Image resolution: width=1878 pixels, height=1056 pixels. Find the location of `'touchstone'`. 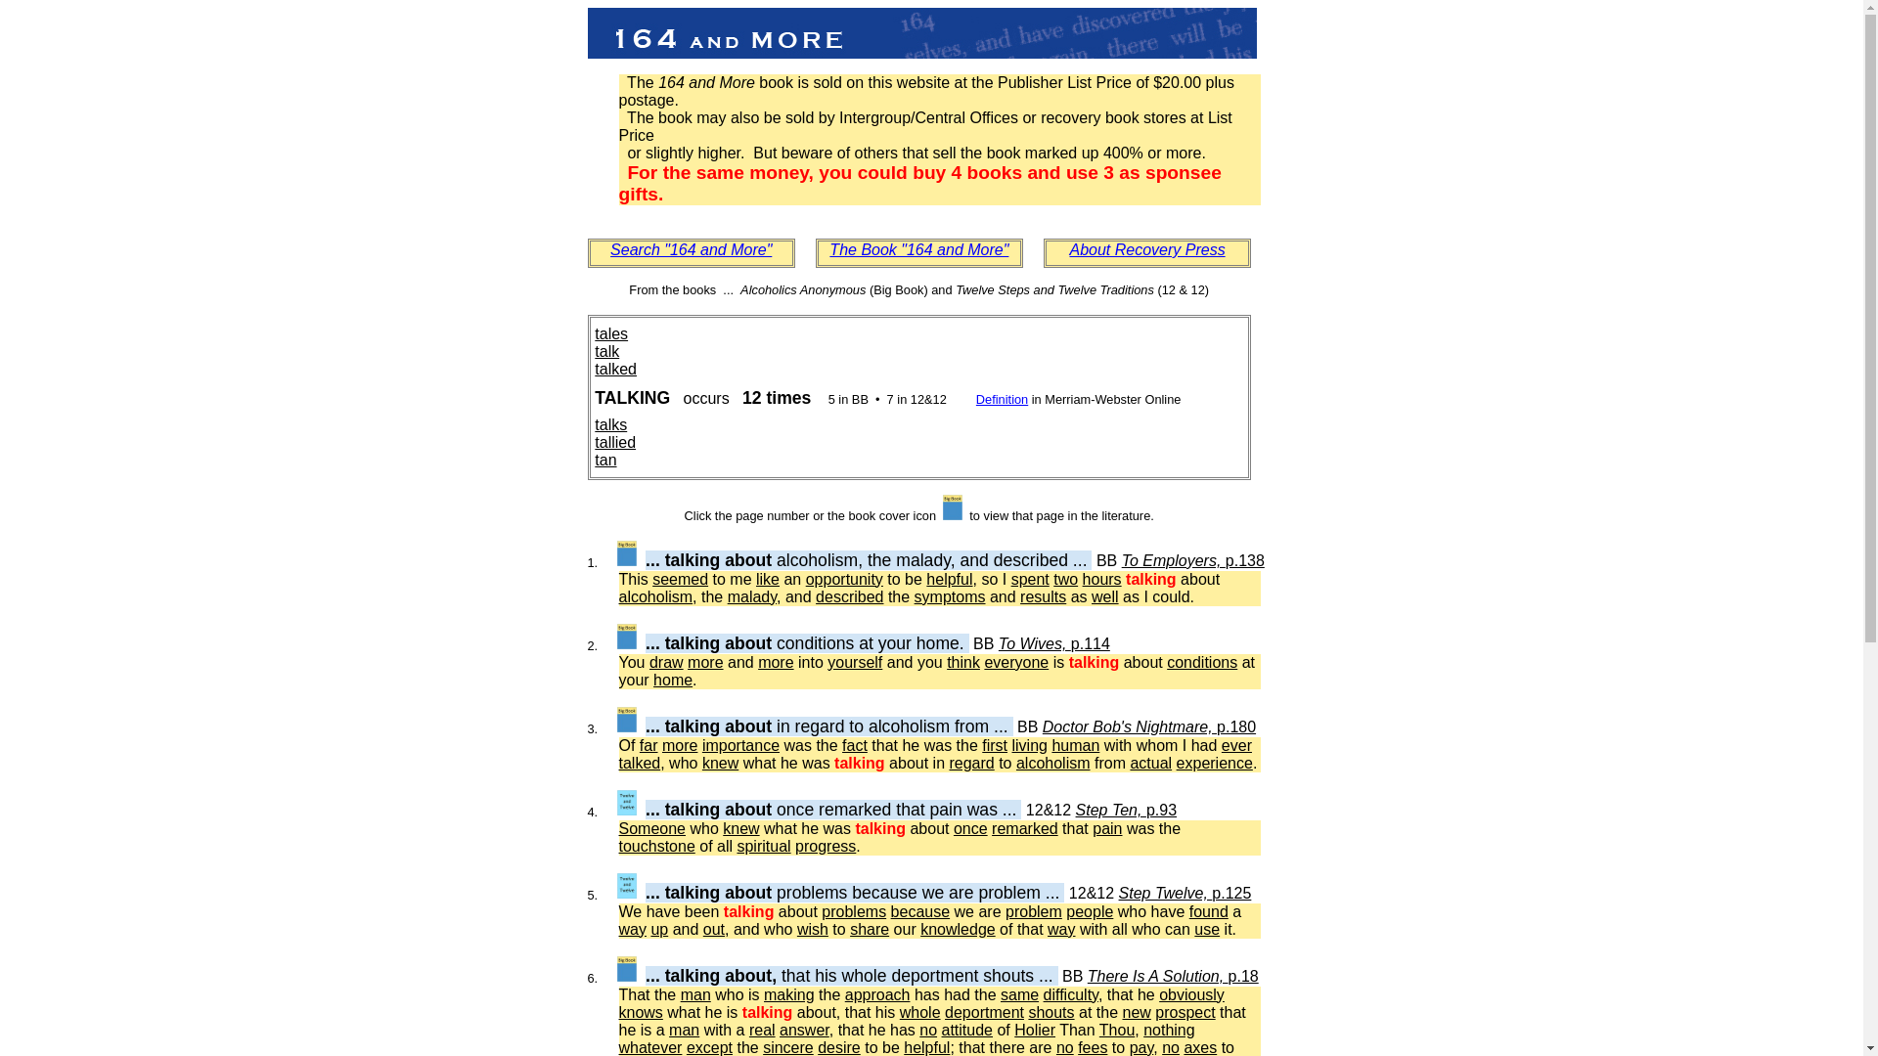

'touchstone' is located at coordinates (617, 845).